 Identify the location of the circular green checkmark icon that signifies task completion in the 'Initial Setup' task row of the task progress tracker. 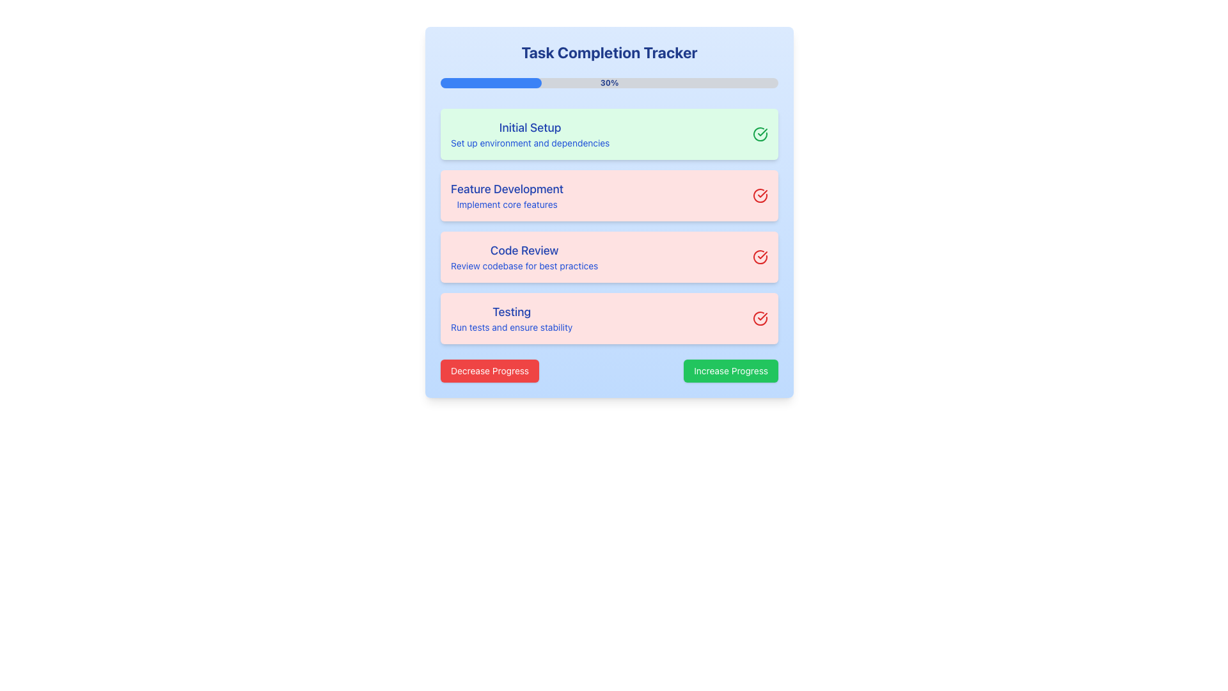
(760, 134).